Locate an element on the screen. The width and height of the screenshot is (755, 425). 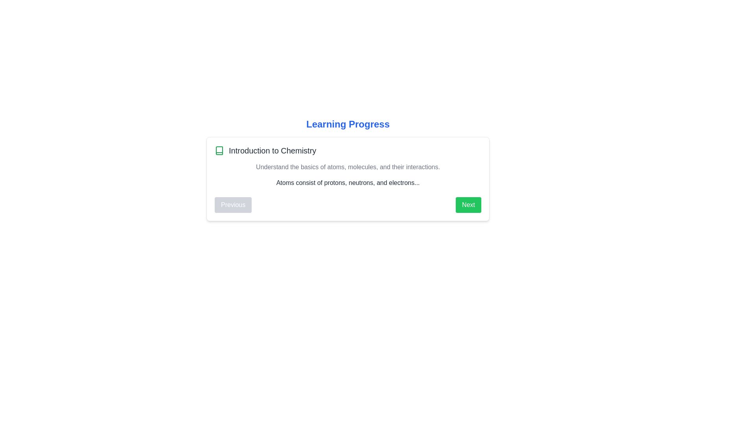
text block that serves as a descriptive introduction in the chemistry section, located within a bordered, rounded, and shadowed card layout, positioned below the 'Introduction to Chemistry' title is located at coordinates (347, 166).